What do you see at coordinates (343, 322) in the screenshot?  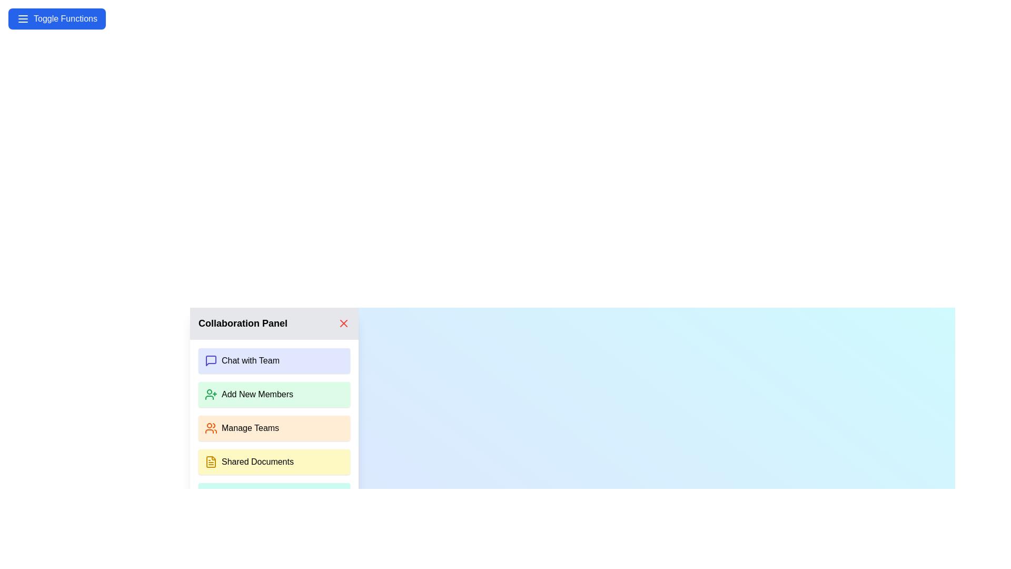 I see `the small, red 'X' icon button used for closing or deleting, located in the header of the 'Collaboration Panel' section, and focus on it using keyboard navigation` at bounding box center [343, 322].